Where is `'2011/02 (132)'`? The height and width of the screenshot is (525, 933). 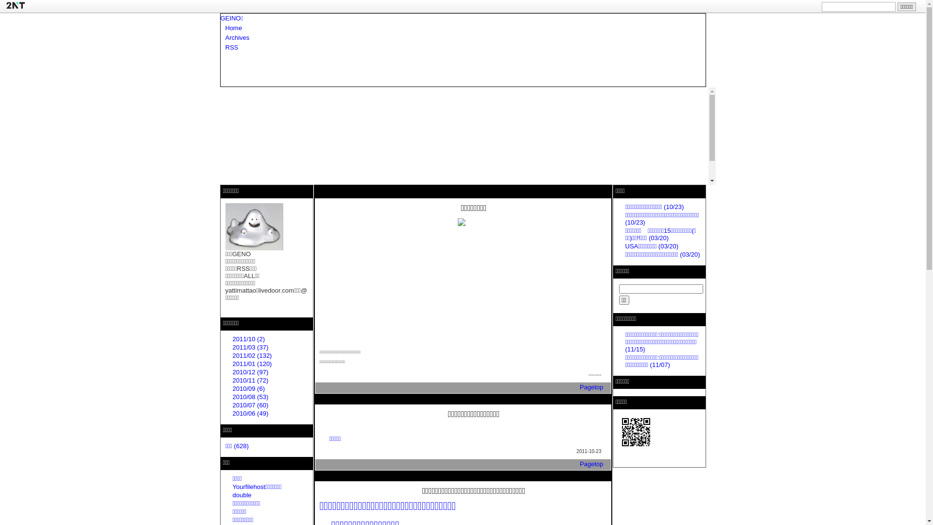
'2011/02 (132)' is located at coordinates (252, 355).